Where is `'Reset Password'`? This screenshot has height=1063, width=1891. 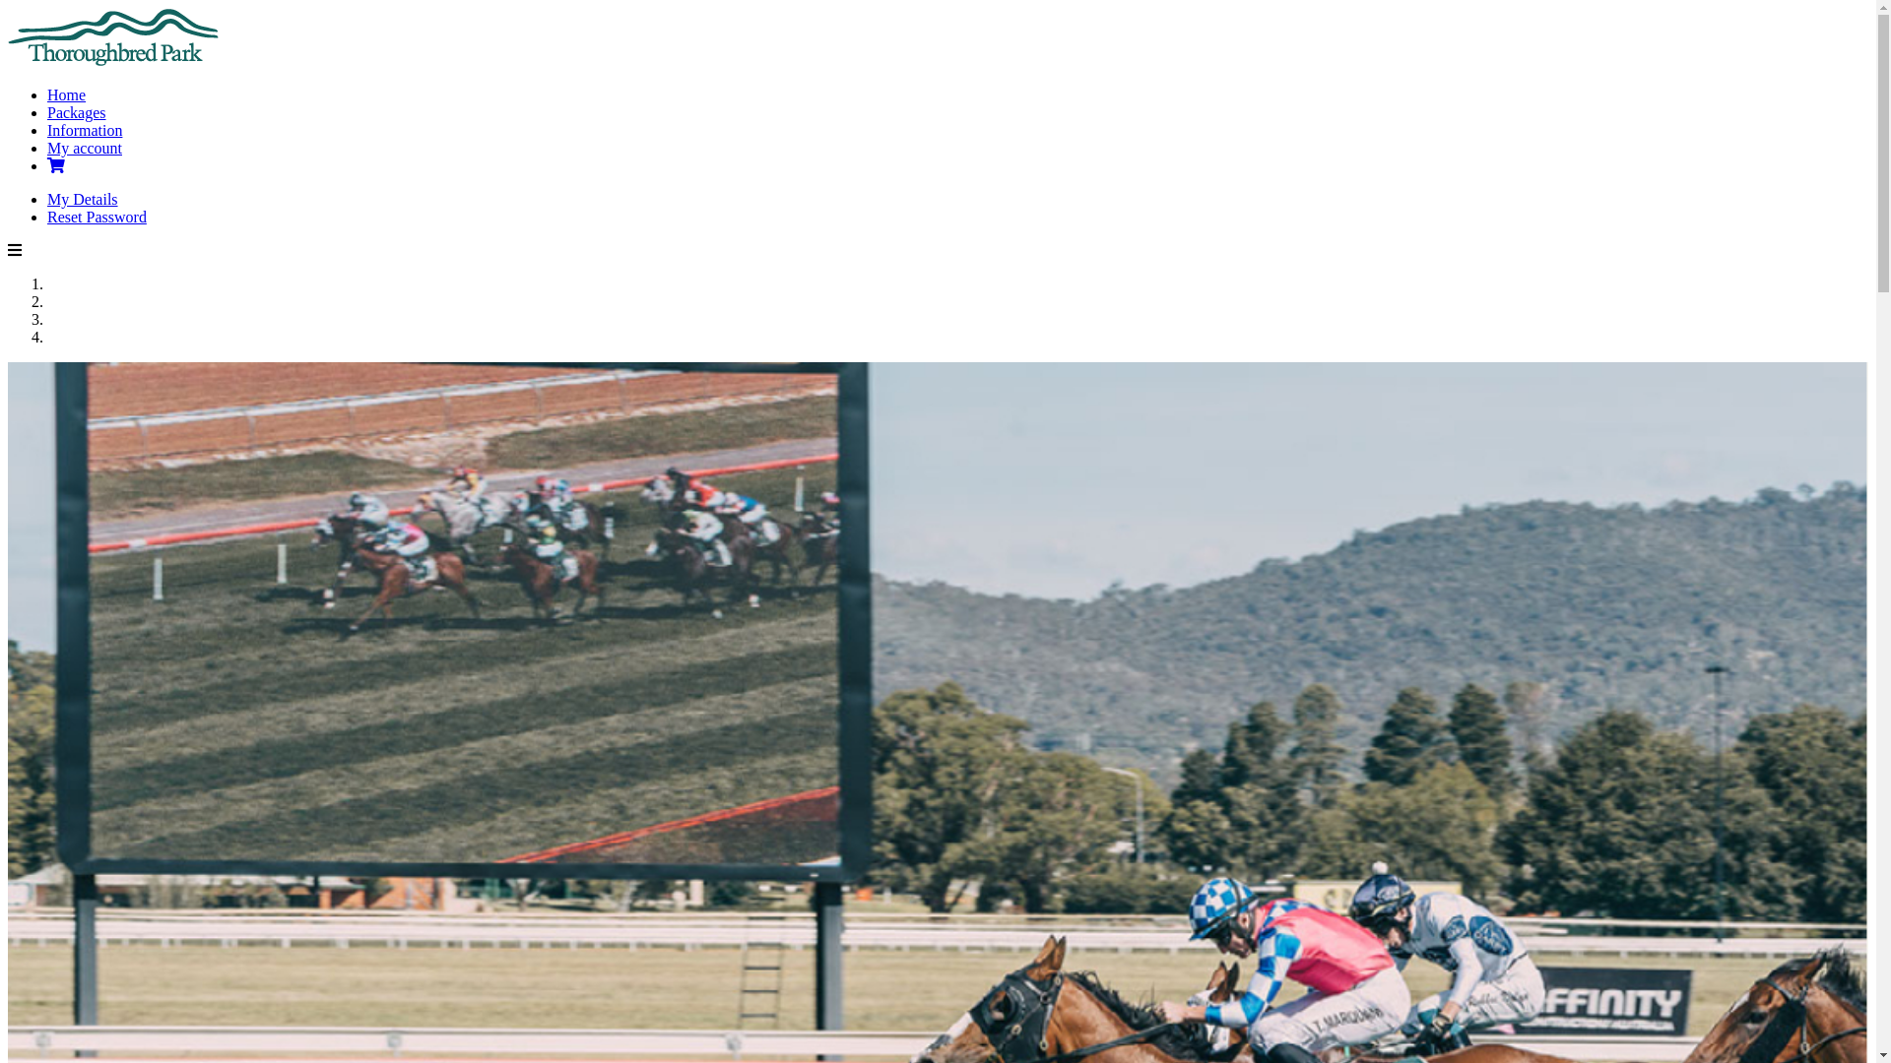
'Reset Password' is located at coordinates (96, 217).